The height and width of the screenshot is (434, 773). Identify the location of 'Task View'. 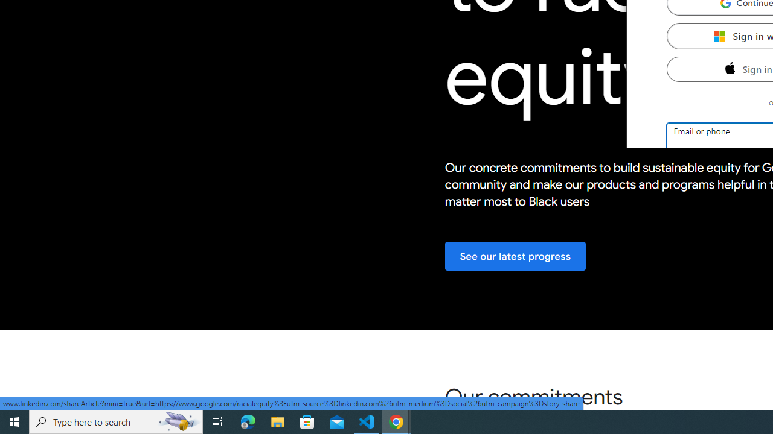
(217, 421).